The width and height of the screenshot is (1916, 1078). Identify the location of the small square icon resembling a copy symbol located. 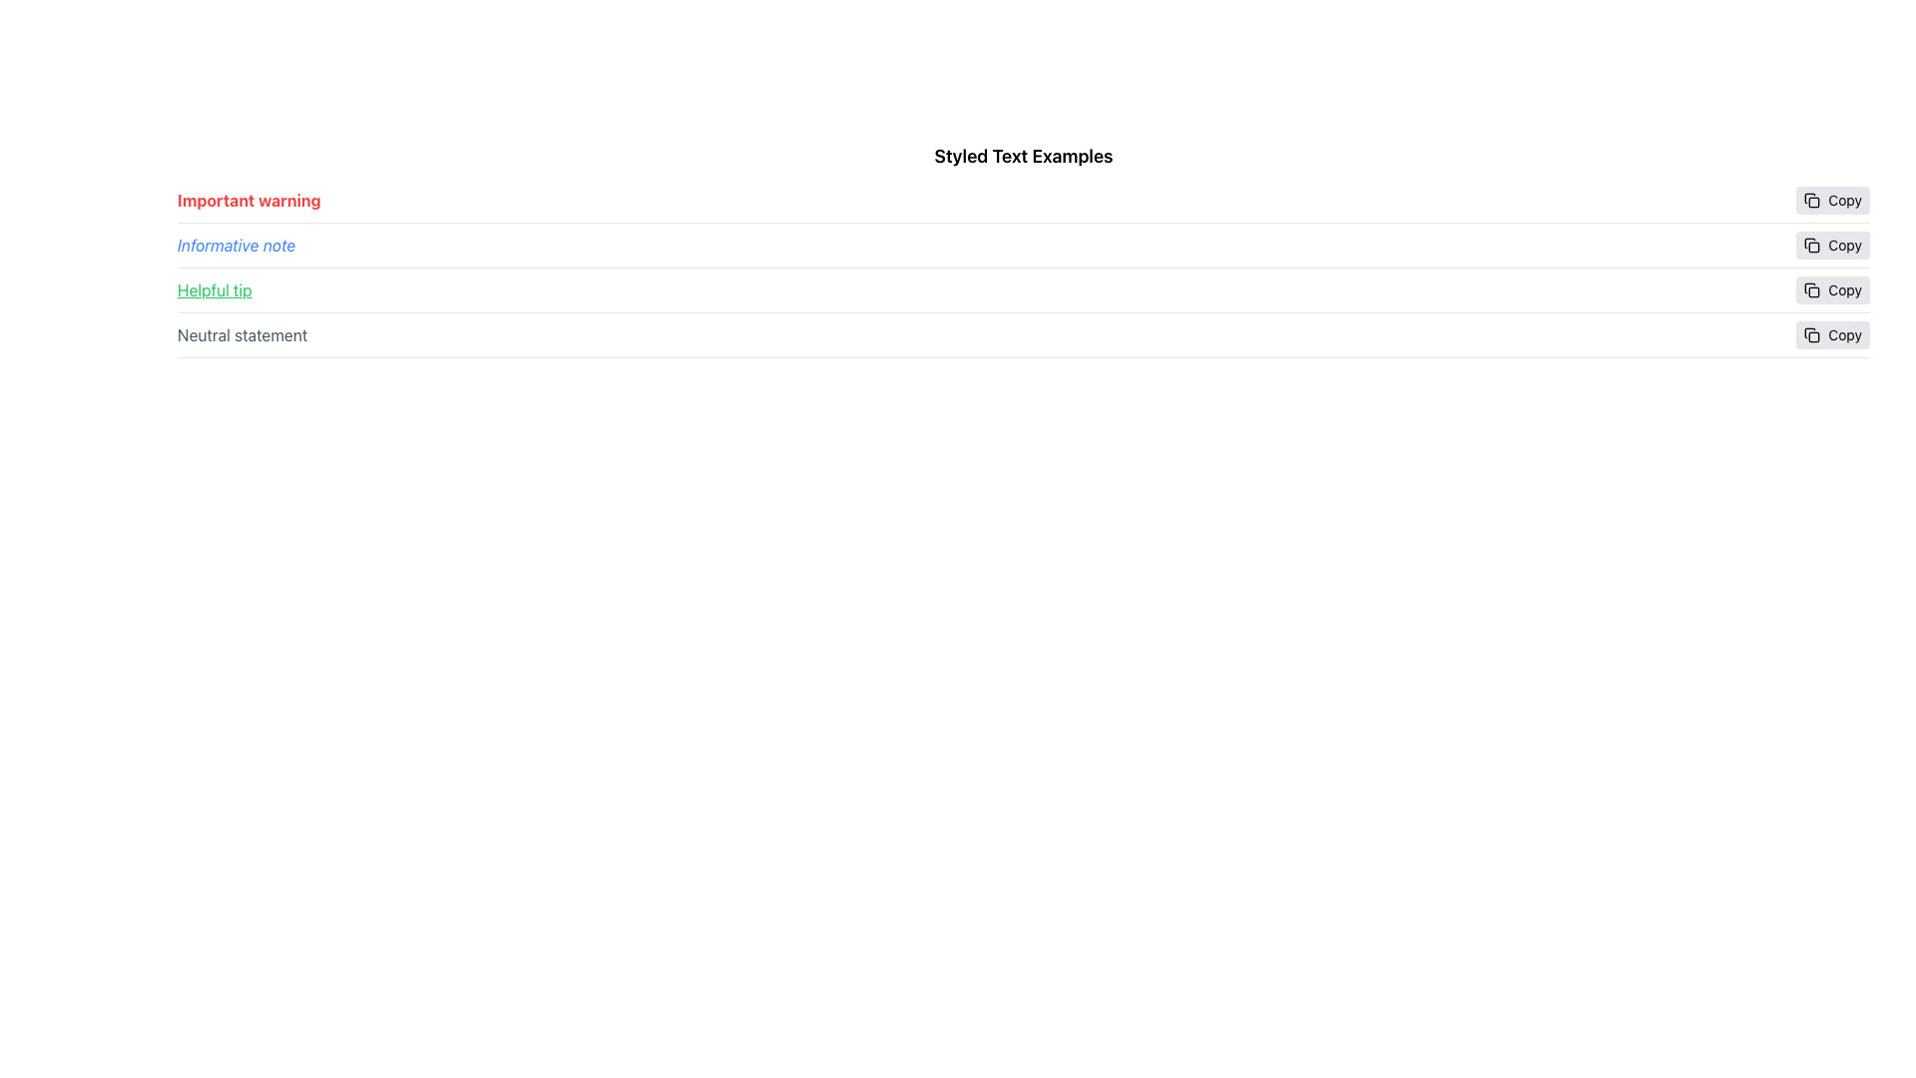
(1812, 289).